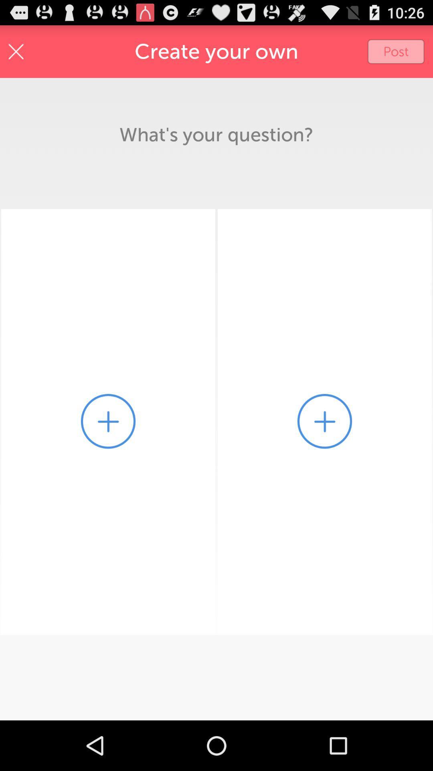  I want to click on the add icon, so click(108, 451).